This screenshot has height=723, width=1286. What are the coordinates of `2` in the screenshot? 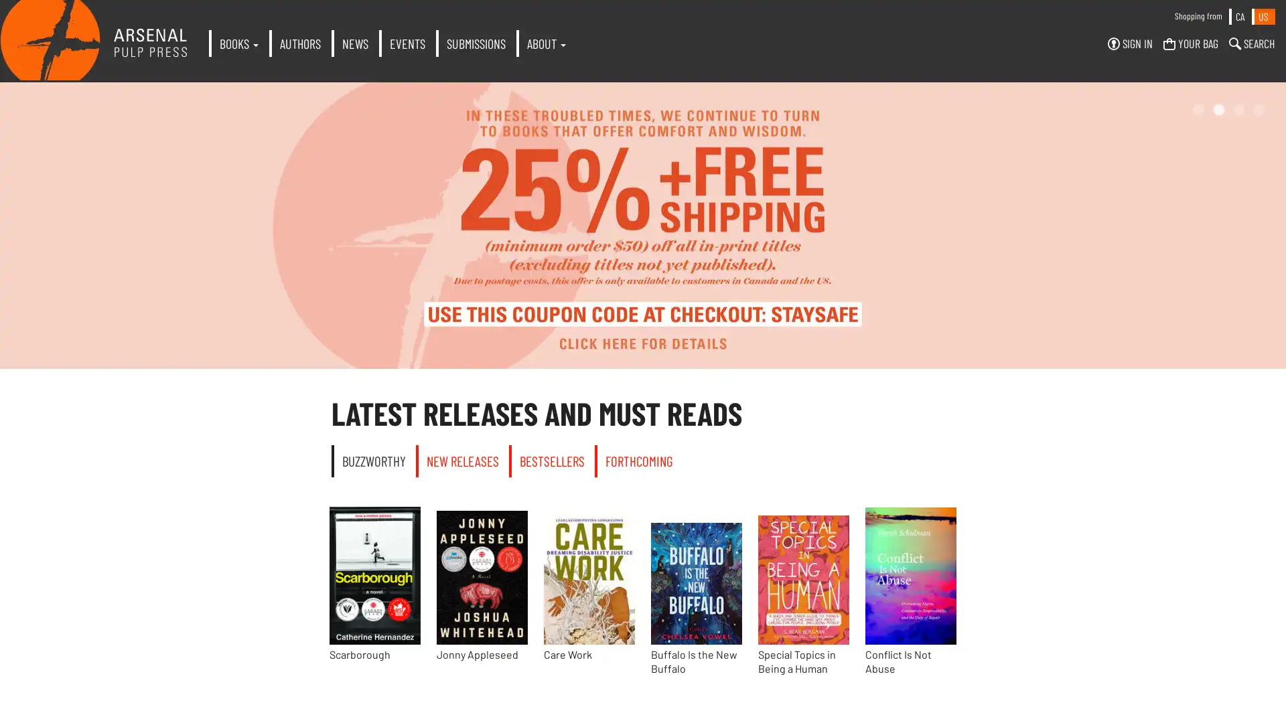 It's located at (1218, 110).